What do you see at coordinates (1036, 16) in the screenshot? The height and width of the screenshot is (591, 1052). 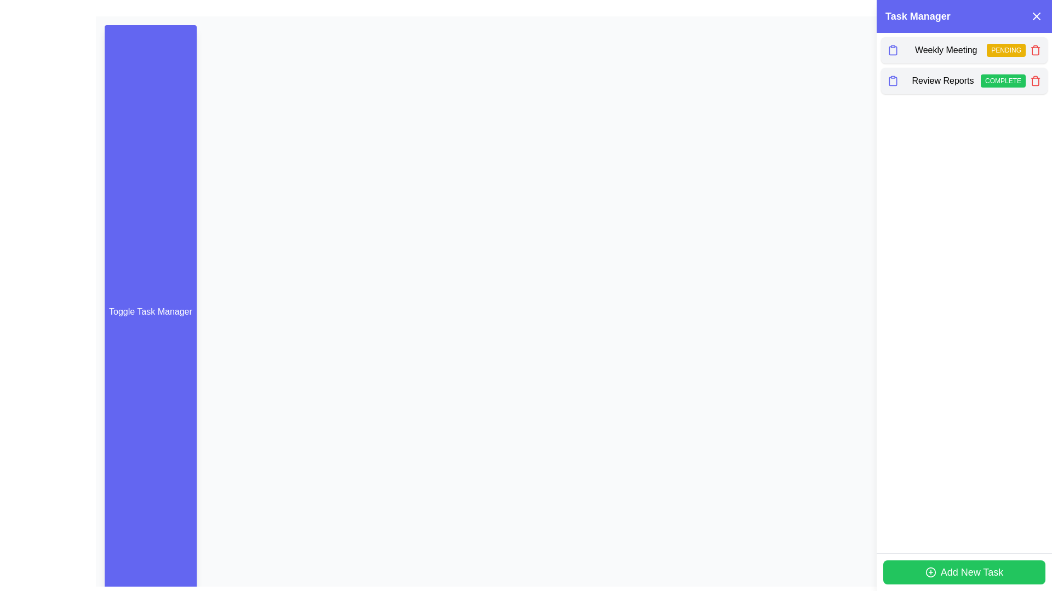 I see `the close button icon located at the top-right corner of the 'Task Manager' panel` at bounding box center [1036, 16].